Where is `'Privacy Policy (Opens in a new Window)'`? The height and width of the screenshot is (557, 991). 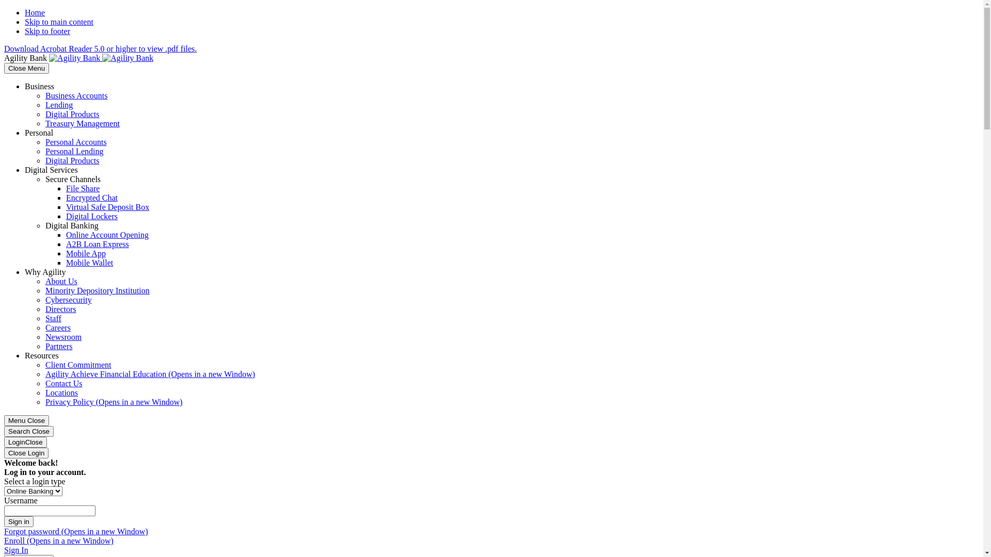 'Privacy Policy (Opens in a new Window)' is located at coordinates (114, 401).